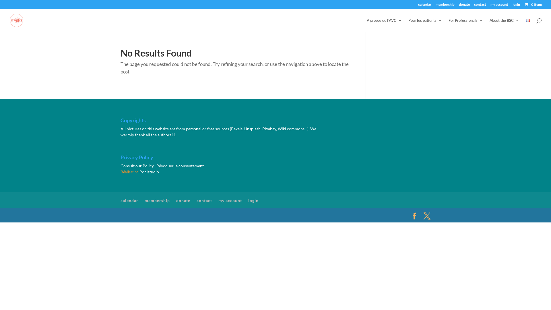 This screenshot has height=310, width=551. Describe the element at coordinates (230, 200) in the screenshot. I see `'my account'` at that location.